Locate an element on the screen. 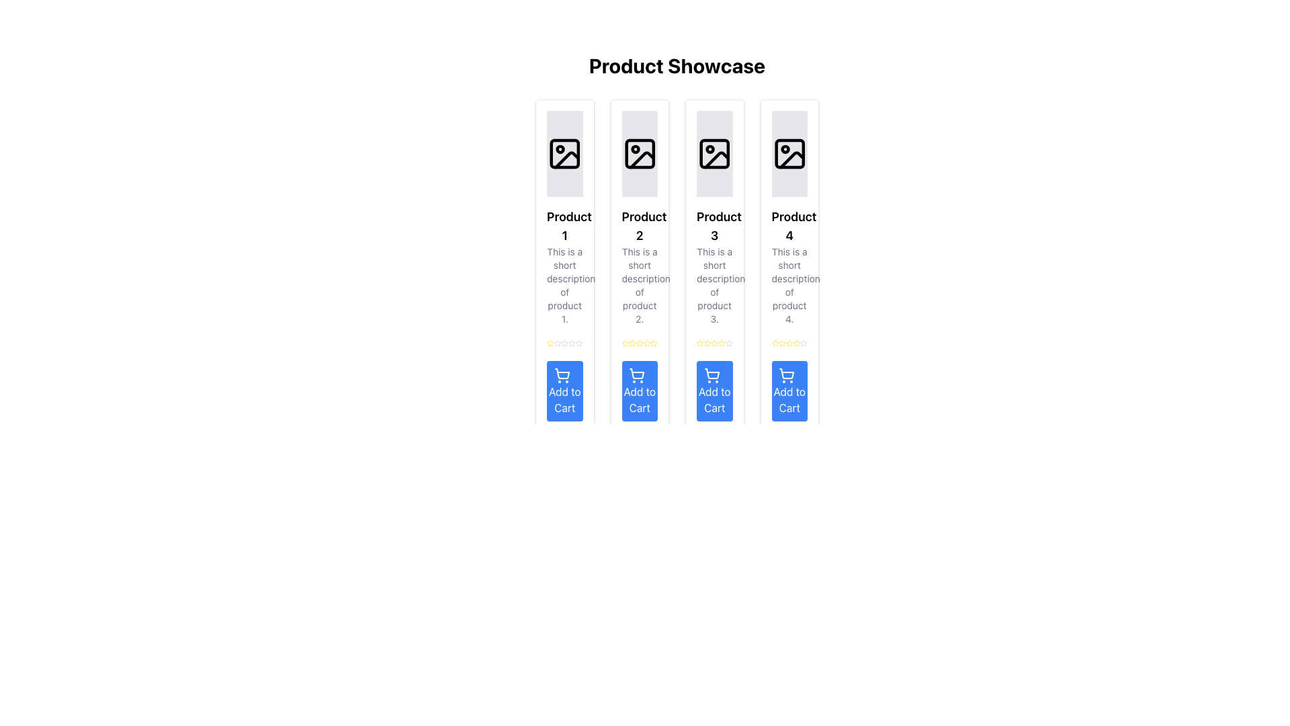  the yellow star-shaped SVG icon located in the fourth product card, situated below the product description and above the 'Add to Cart' button is located at coordinates (775, 342).